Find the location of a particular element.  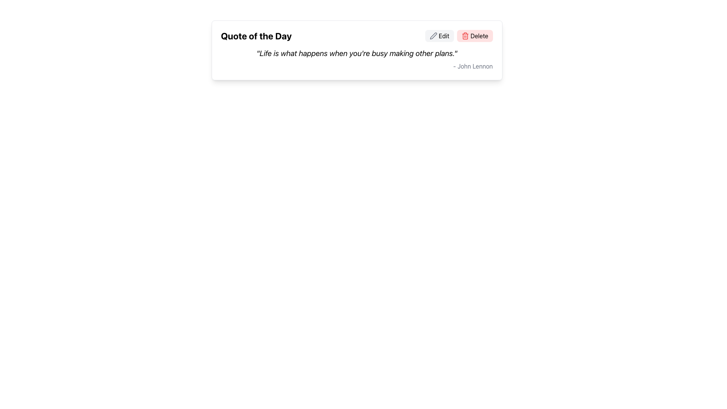

the text label displaying 'Edit', which is styled in bold sans-serif font and located beside a pen icon in the toolbar section for editing actions is located at coordinates (444, 36).